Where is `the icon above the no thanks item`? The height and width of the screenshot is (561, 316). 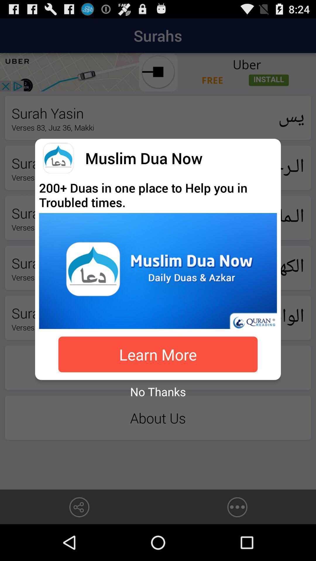 the icon above the no thanks item is located at coordinates (158, 354).